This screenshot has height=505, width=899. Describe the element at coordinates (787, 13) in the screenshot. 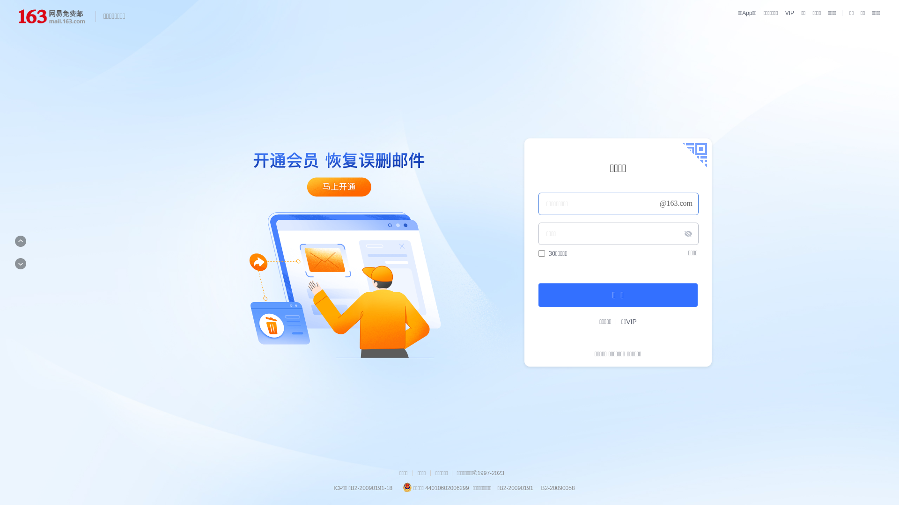

I see `'VIP'` at that location.